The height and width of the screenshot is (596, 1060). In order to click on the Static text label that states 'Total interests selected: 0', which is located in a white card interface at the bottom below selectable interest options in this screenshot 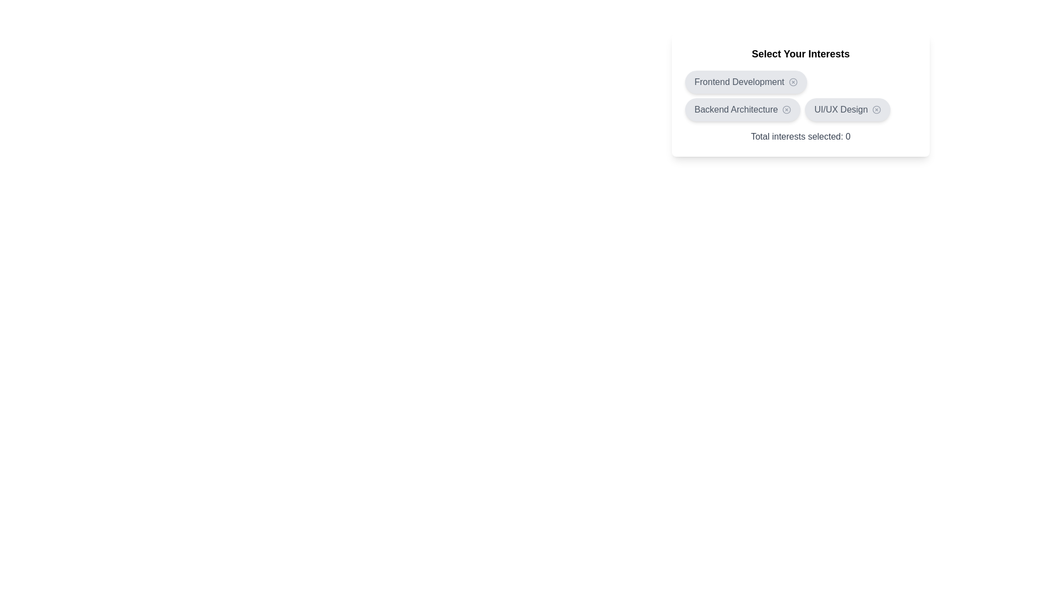, I will do `click(801, 136)`.